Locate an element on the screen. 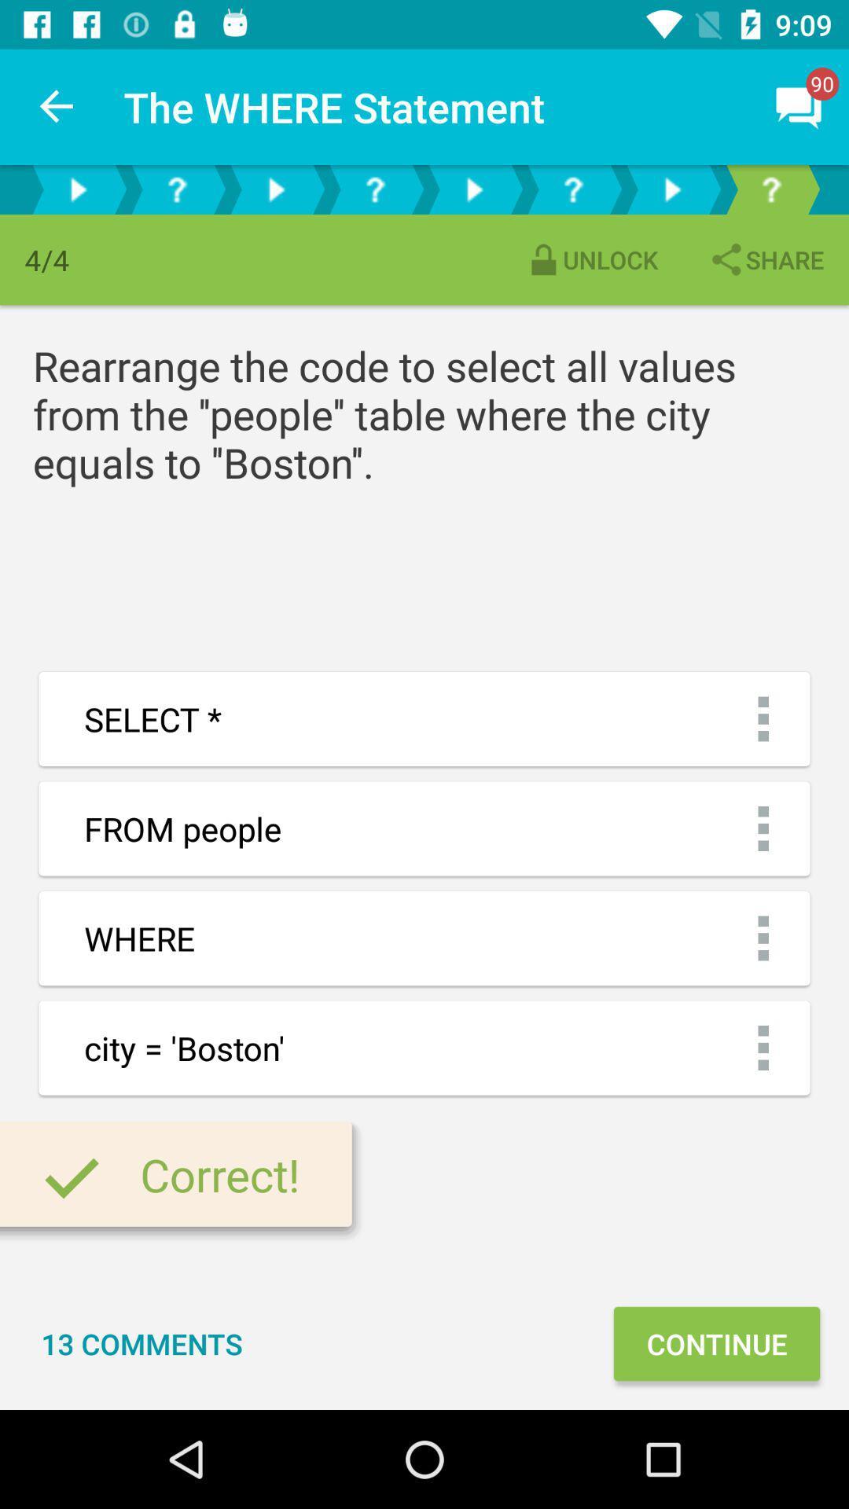  previous question option is located at coordinates (375, 189).